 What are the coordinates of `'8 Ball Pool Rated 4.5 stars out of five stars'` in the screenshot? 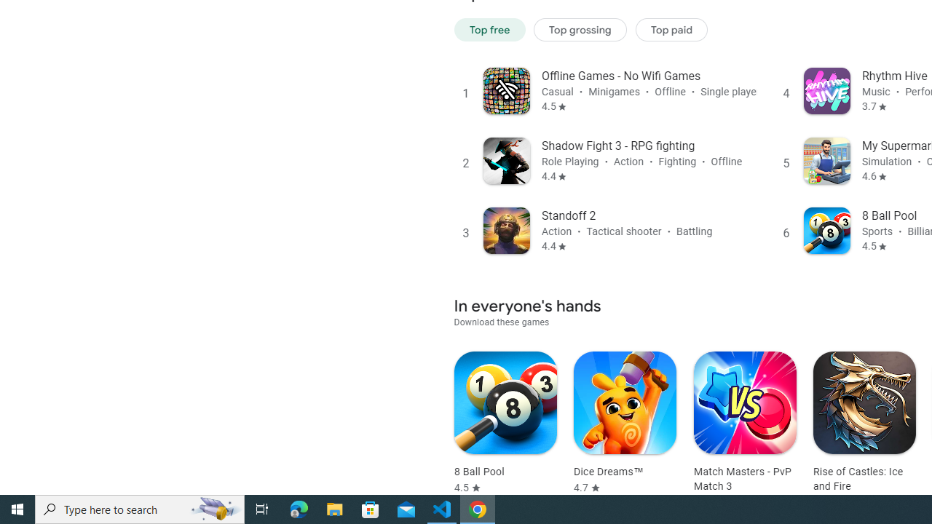 It's located at (505, 423).